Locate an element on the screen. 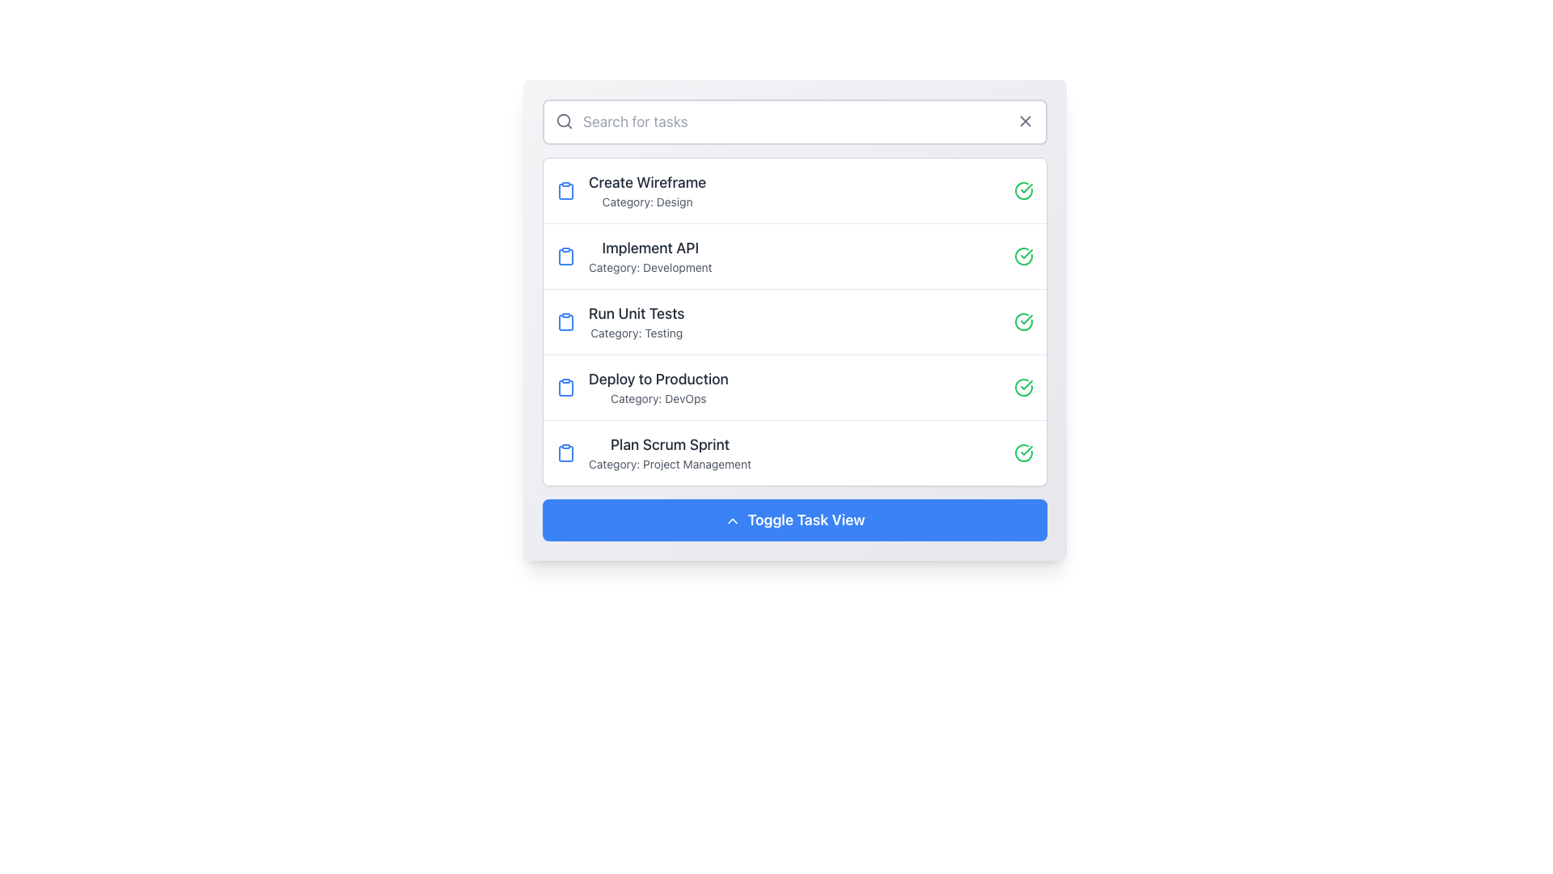  the search icon, which is represented as a light gray magnifying glass located at the far left of the search bar is located at coordinates (564, 121).